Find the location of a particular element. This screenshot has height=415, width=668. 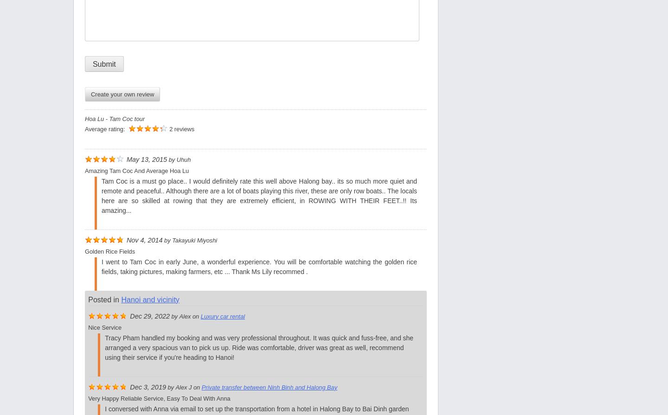

'Nice service' is located at coordinates (104, 326).